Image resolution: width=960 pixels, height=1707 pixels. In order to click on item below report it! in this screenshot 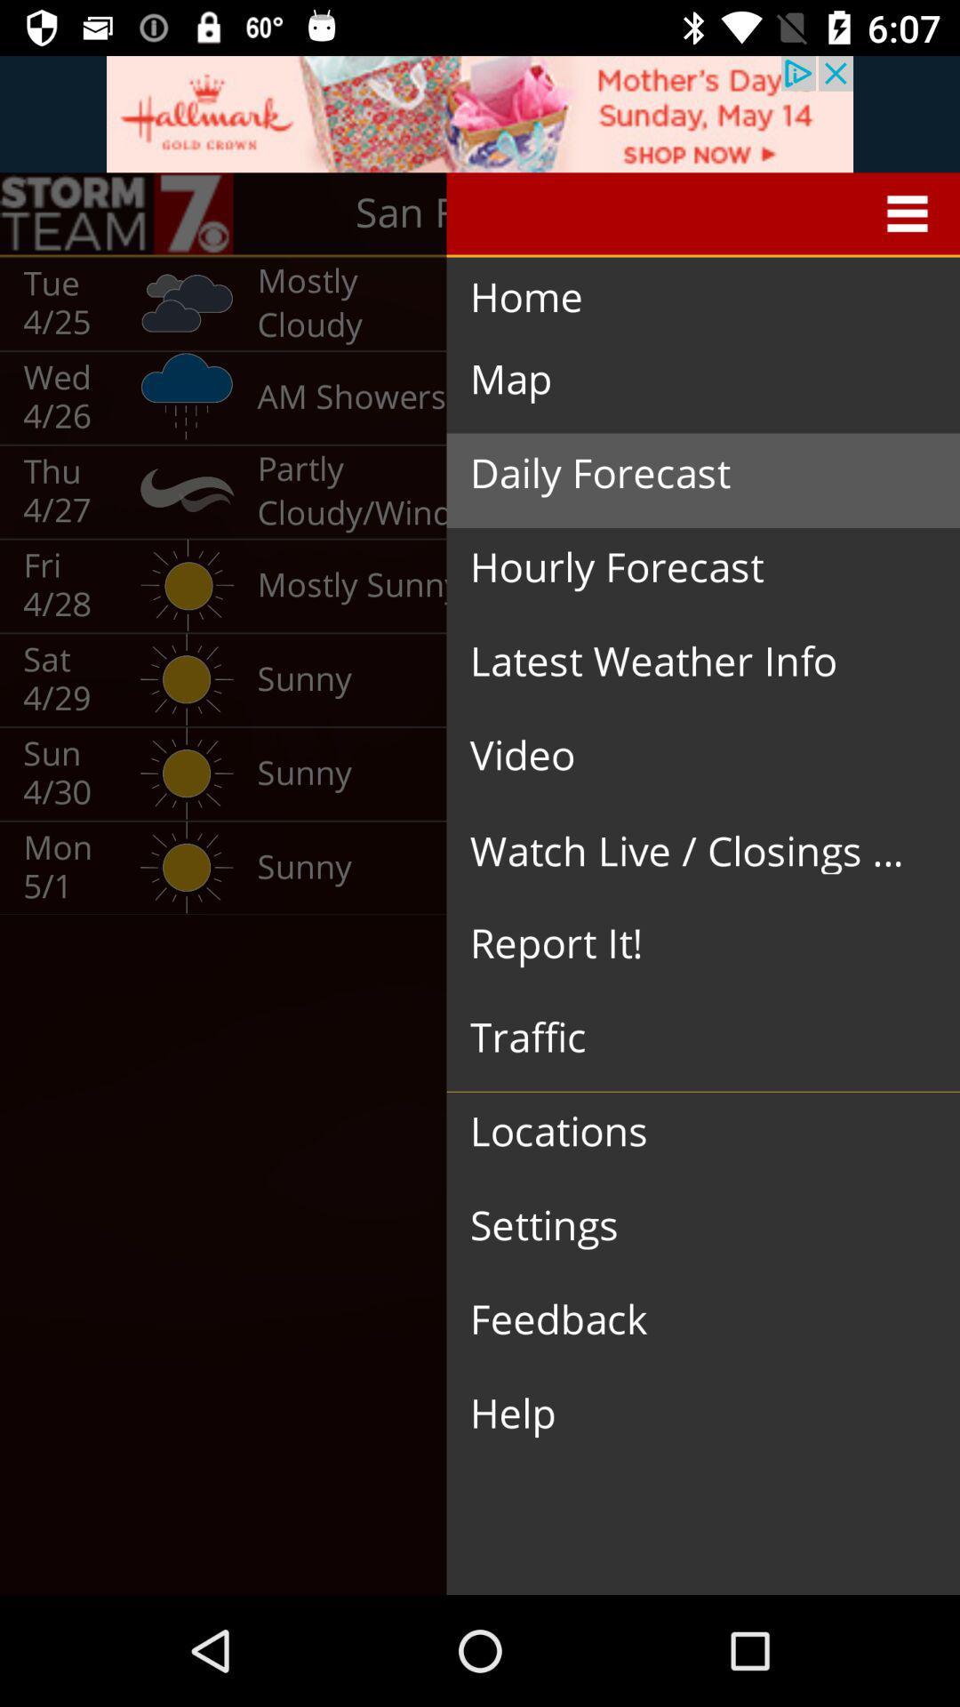, I will do `click(688, 1038)`.